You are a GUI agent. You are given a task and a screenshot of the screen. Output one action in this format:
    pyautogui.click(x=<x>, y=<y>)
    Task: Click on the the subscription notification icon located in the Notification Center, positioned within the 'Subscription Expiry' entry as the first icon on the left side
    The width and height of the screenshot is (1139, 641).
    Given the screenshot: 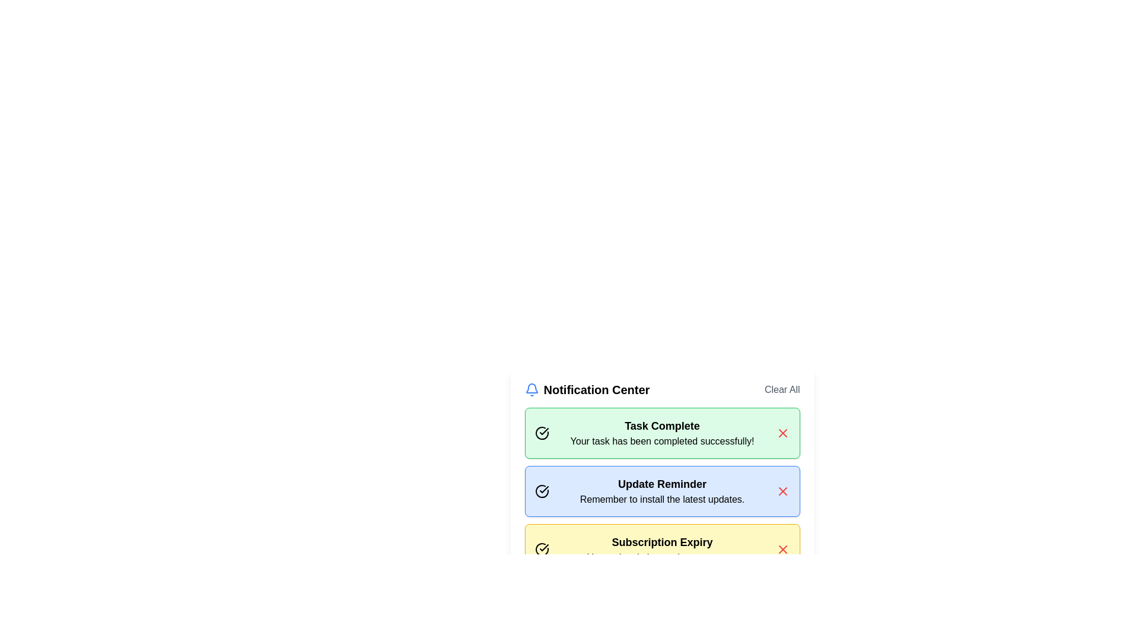 What is the action you would take?
    pyautogui.click(x=541, y=549)
    